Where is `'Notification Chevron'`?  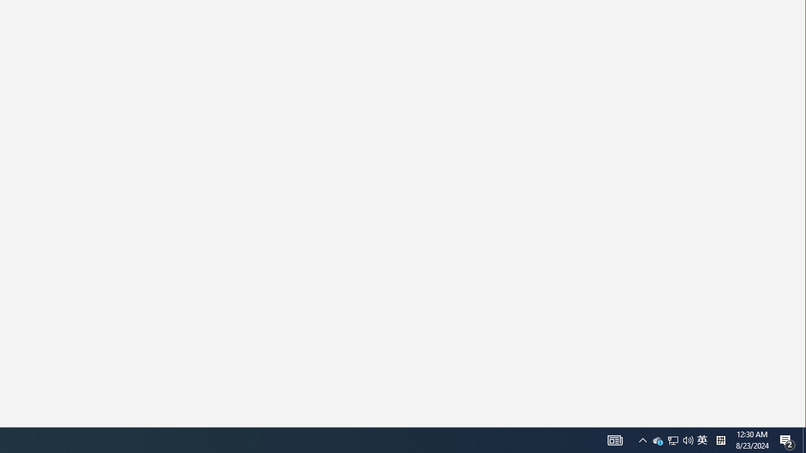 'Notification Chevron' is located at coordinates (672, 439).